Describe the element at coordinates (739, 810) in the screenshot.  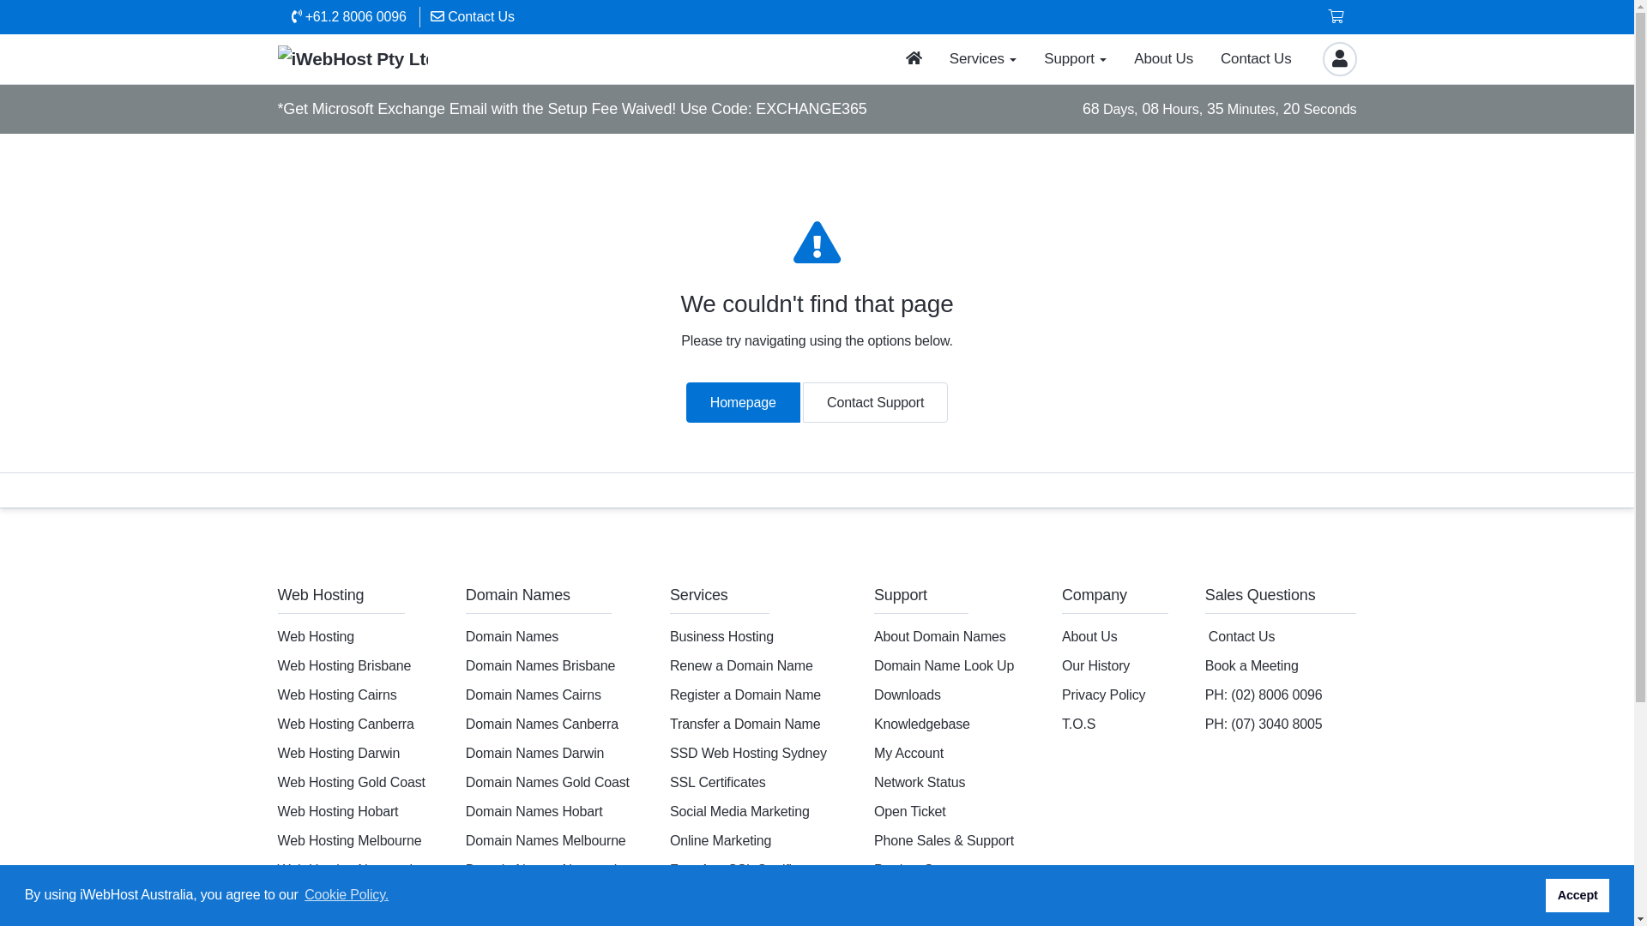
I see `'Social Media Marketing'` at that location.